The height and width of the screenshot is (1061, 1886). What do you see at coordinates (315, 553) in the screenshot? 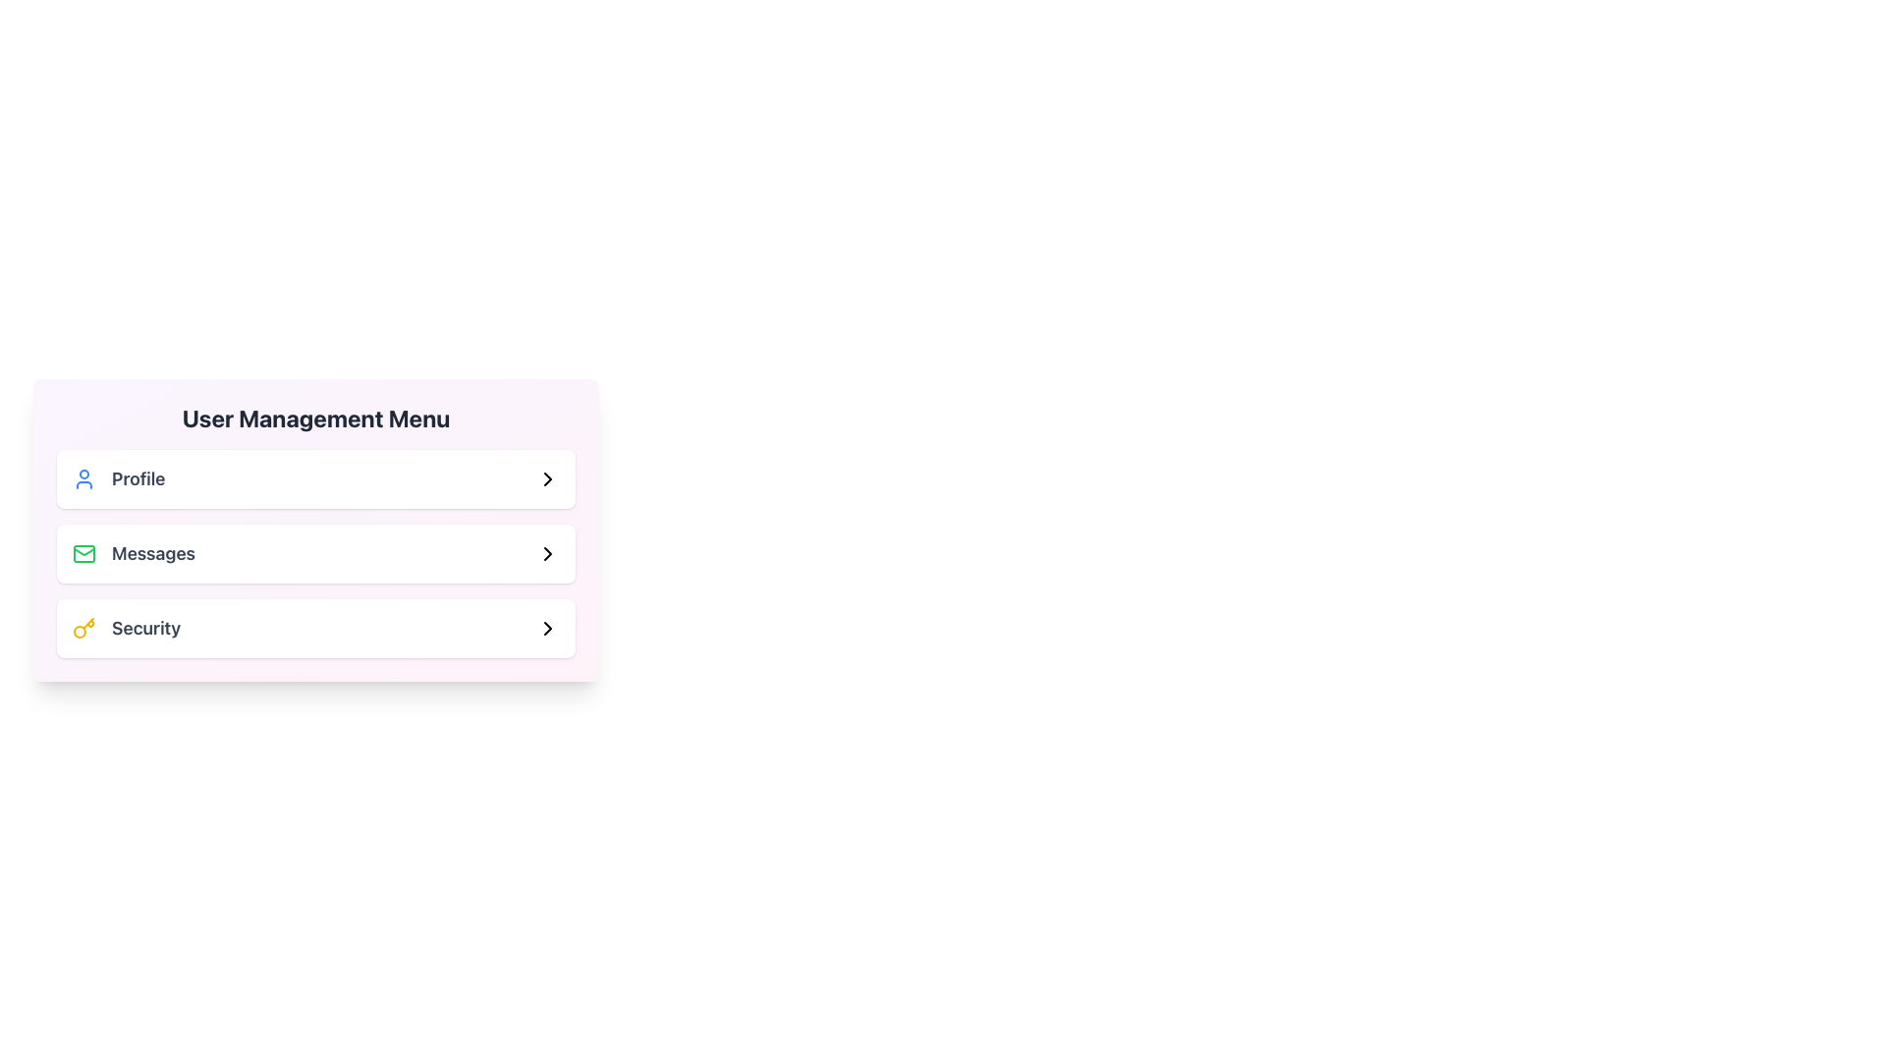
I see `the 'Messages' navigational button located under the 'User Management Menu', positioned between the 'Profile' and 'Security' entries` at bounding box center [315, 553].